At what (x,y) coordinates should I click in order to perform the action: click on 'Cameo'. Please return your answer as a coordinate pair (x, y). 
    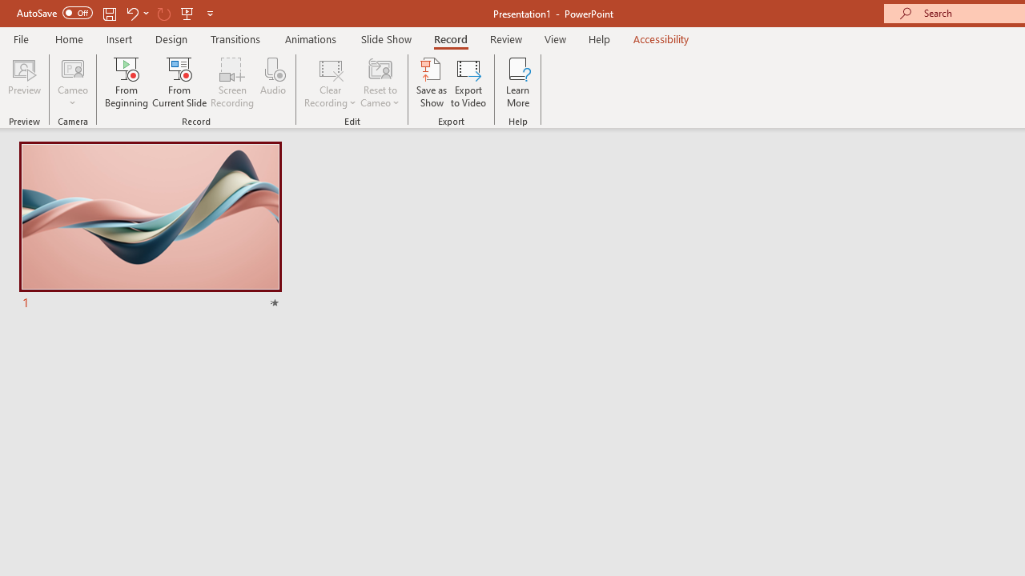
    Looking at the image, I should click on (72, 67).